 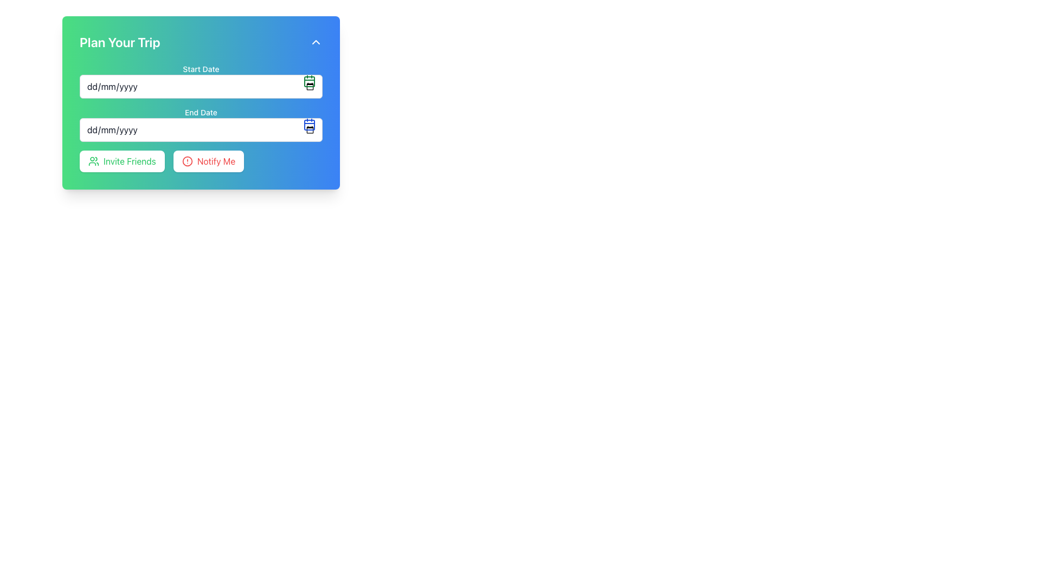 I want to click on the Text Label that indicates the start date input field, positioned above the date input field and to the left of the associated calendar icon, so click(x=201, y=69).